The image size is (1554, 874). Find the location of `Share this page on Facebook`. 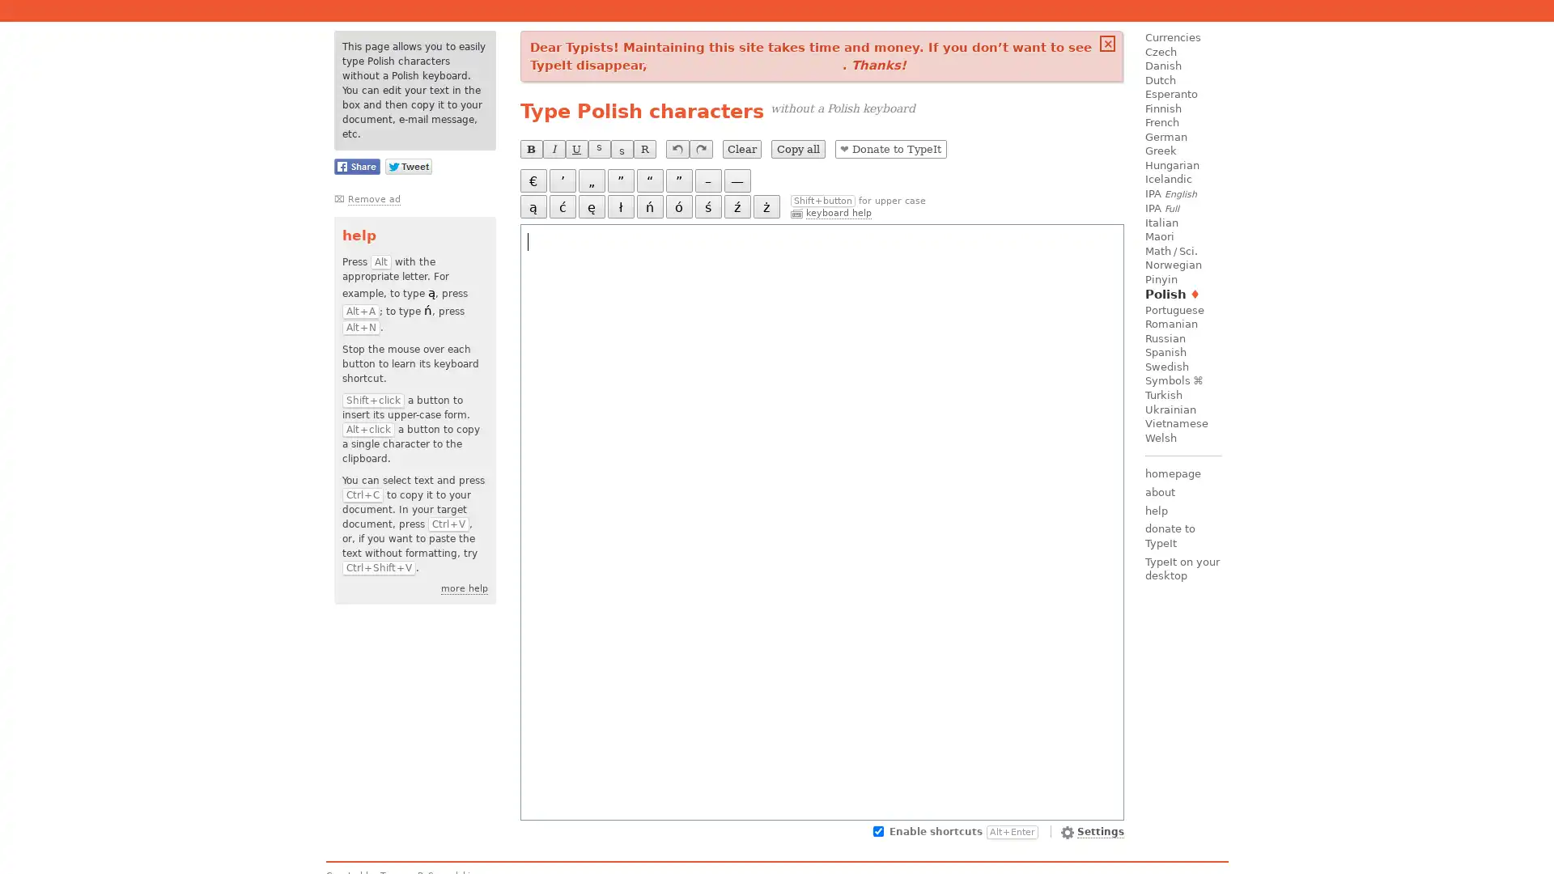

Share this page on Facebook is located at coordinates (355, 166).